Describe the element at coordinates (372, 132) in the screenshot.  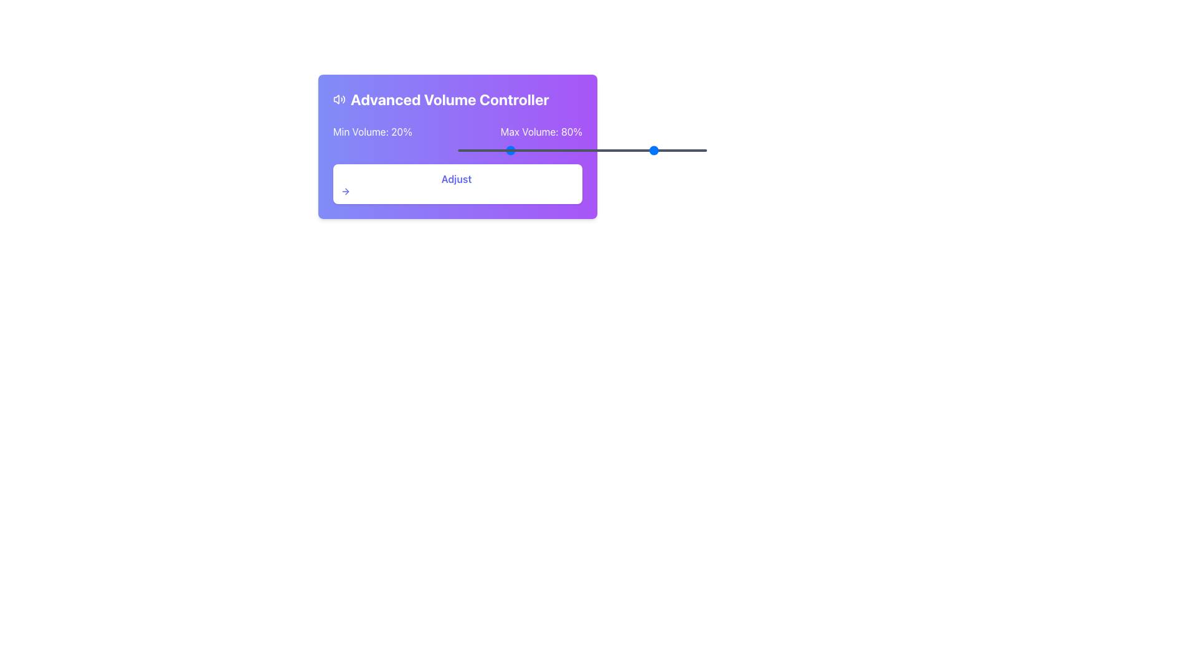
I see `the Text Label displaying 'Min Volume: 20%' that indicates the minimum volume level within the 'Advanced Volume Controller' section` at that location.